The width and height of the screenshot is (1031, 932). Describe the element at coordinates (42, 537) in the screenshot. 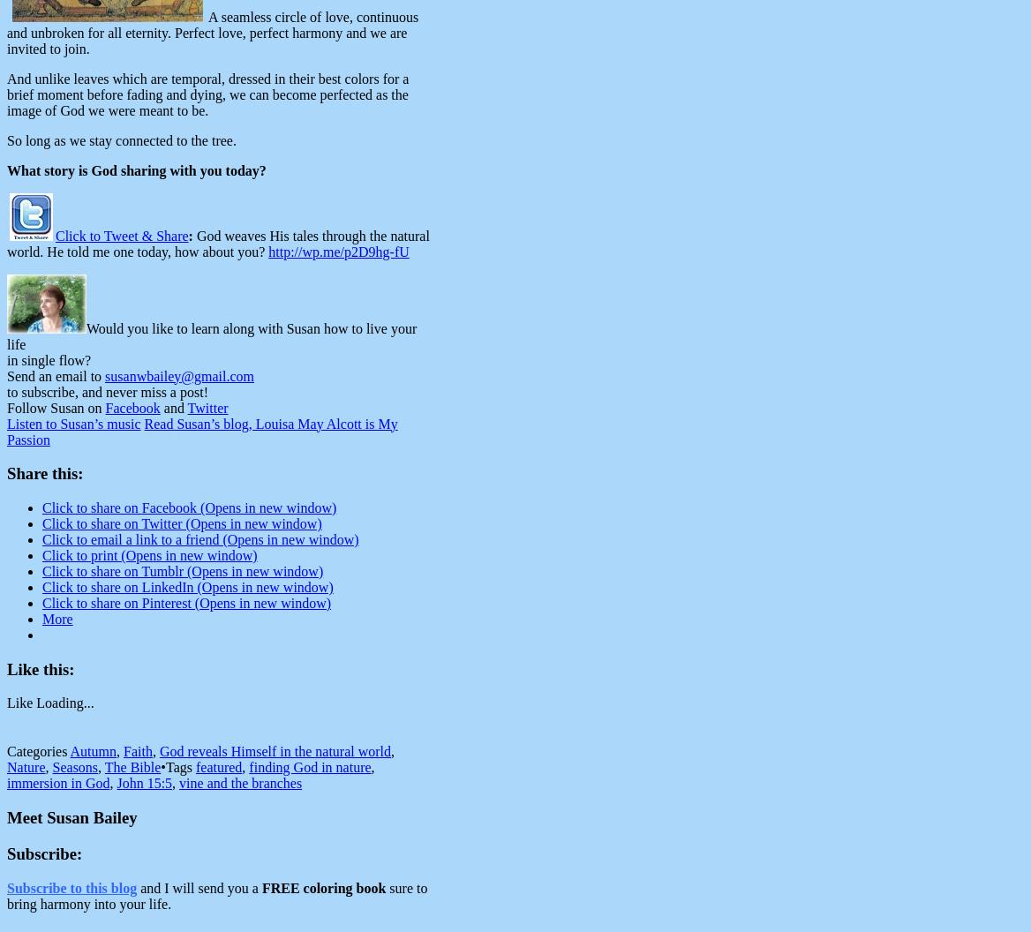

I see `'Click to email a link to a friend (Opens in new window)'` at that location.